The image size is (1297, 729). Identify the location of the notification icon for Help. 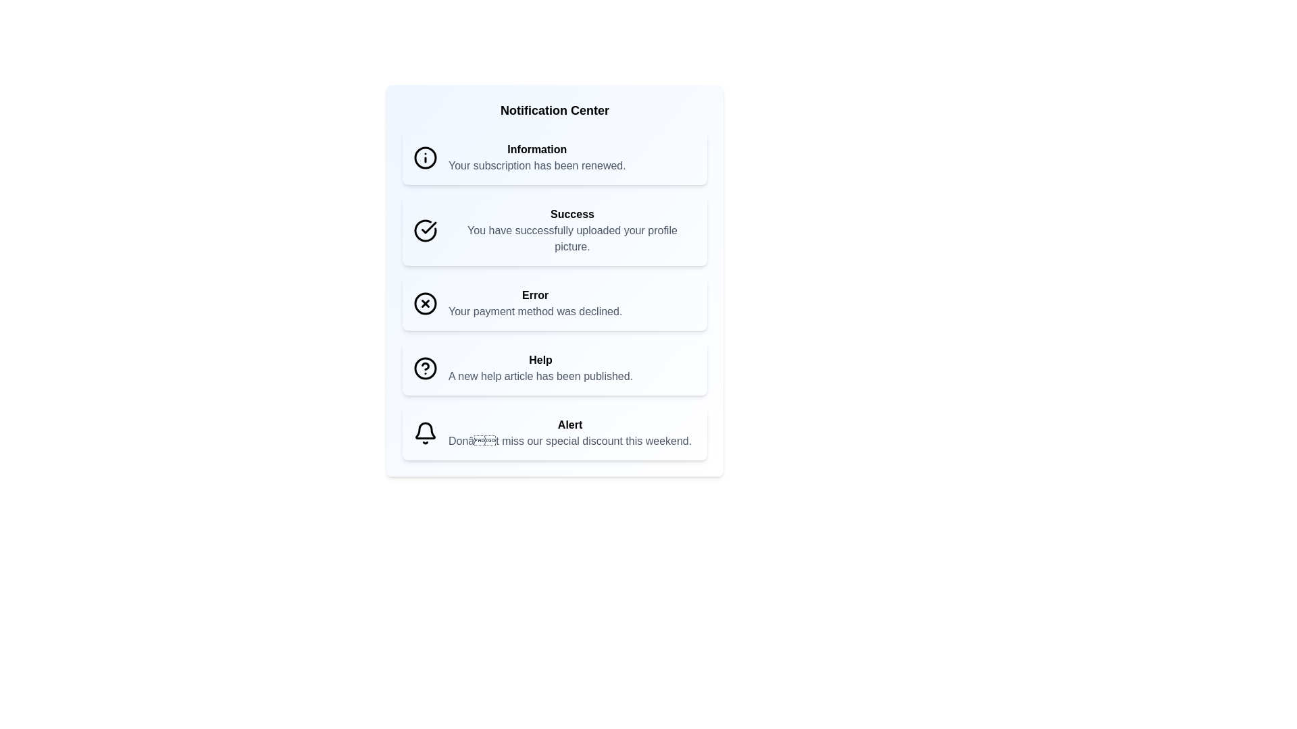
(424, 369).